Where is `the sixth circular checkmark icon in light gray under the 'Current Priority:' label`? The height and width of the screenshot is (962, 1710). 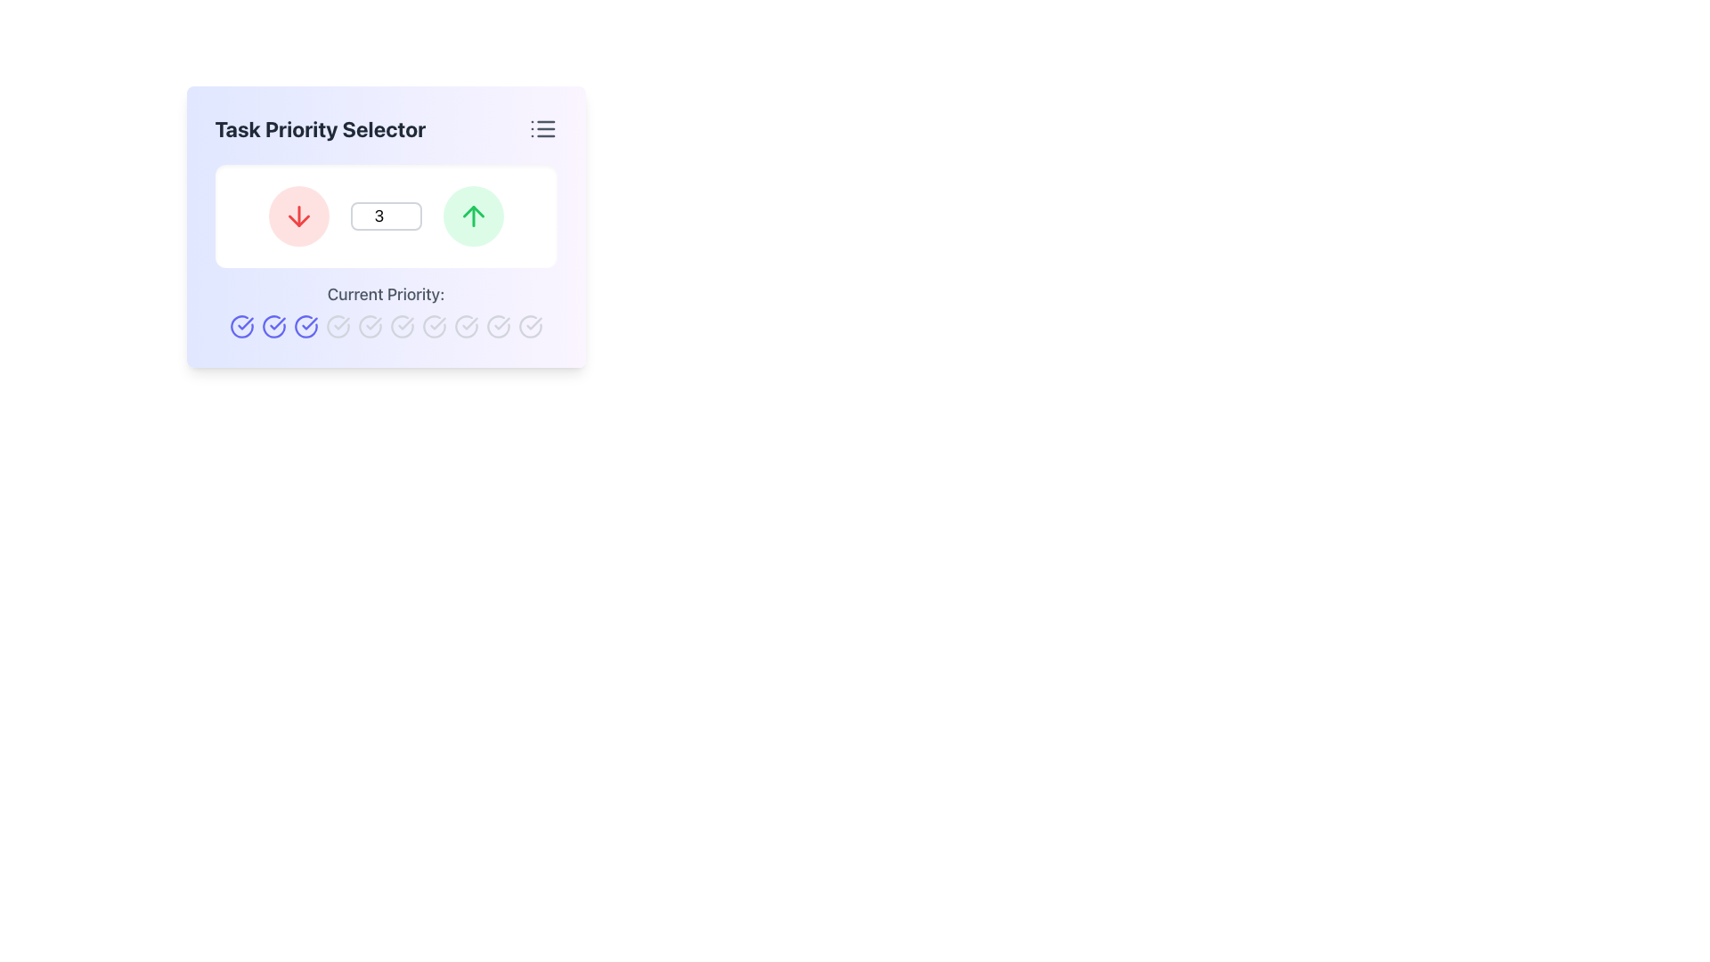 the sixth circular checkmark icon in light gray under the 'Current Priority:' label is located at coordinates (369, 326).